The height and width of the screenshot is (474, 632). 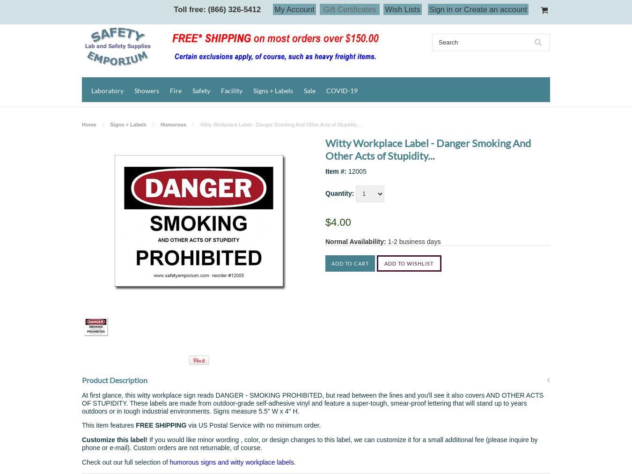 I want to click on 'Gift Certificates', so click(x=349, y=9).